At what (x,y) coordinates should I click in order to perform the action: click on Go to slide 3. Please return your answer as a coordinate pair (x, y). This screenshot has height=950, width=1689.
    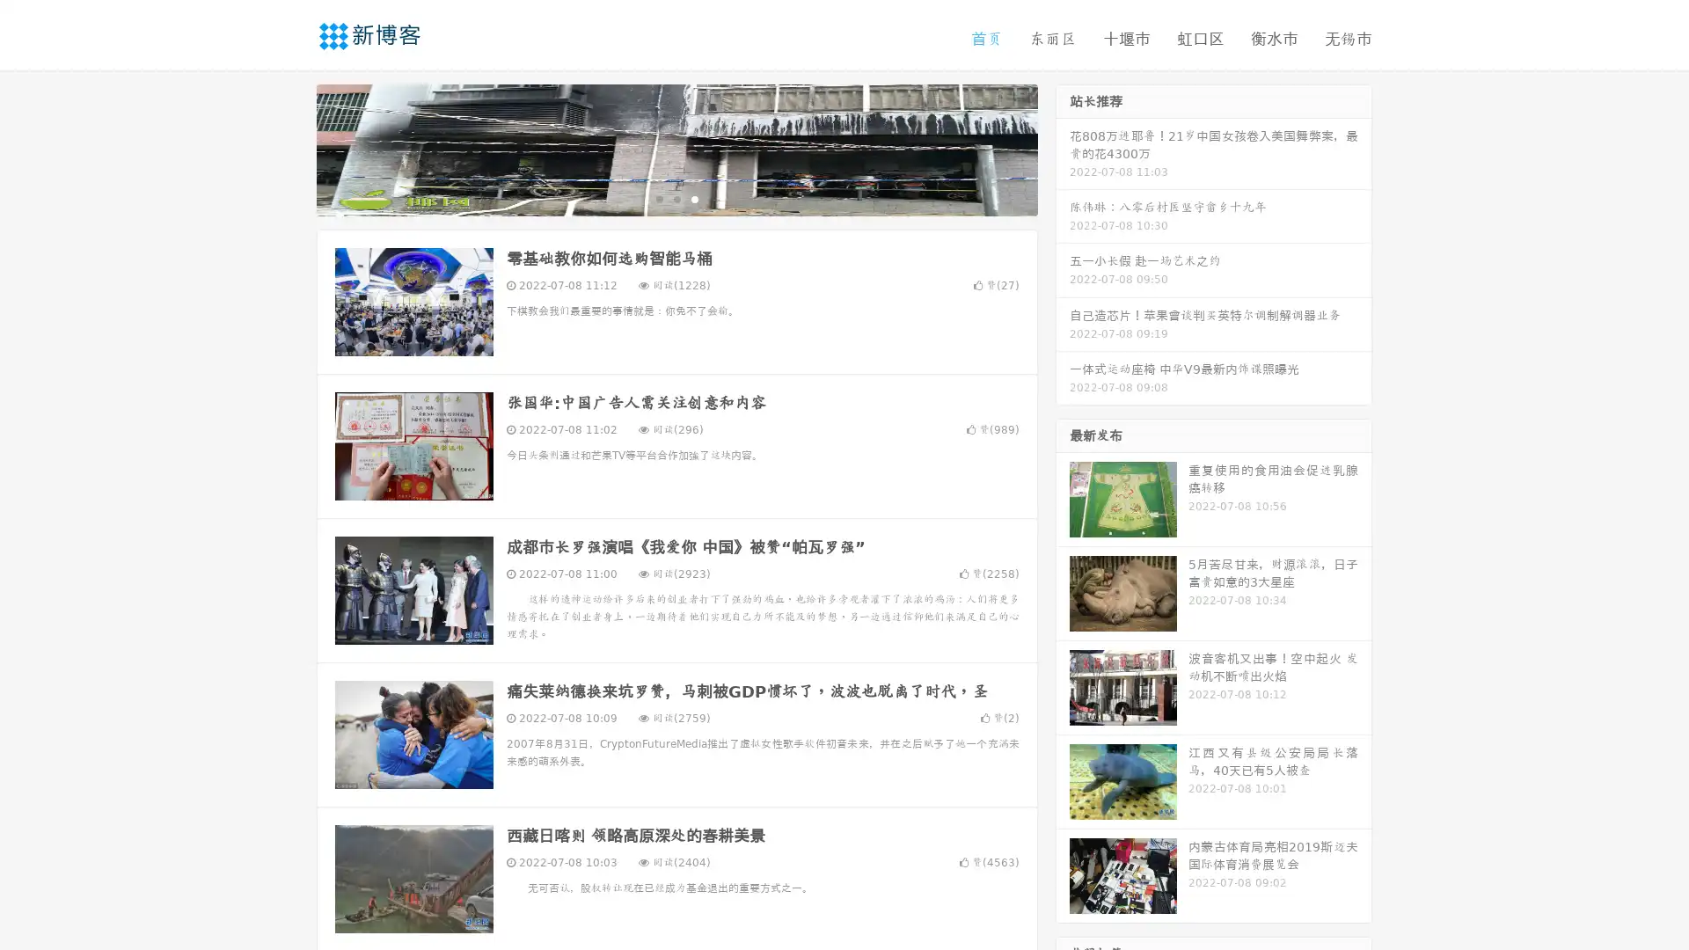
    Looking at the image, I should click on (694, 198).